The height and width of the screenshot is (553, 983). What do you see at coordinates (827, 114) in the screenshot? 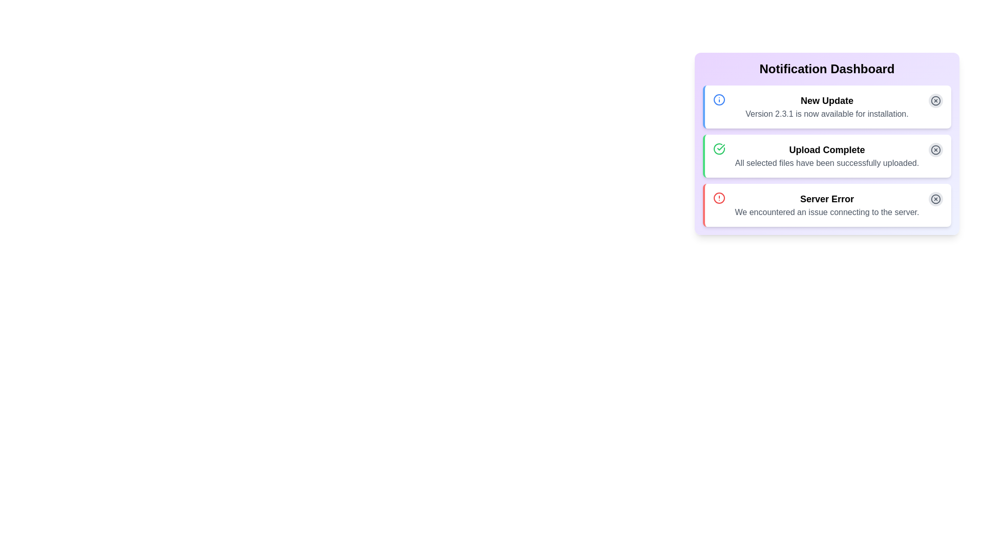
I see `contents of the text element displaying 'Version 2.3.1 is now available for installation.' which is positioned beneath the title 'New Update' in the first notification card` at bounding box center [827, 114].